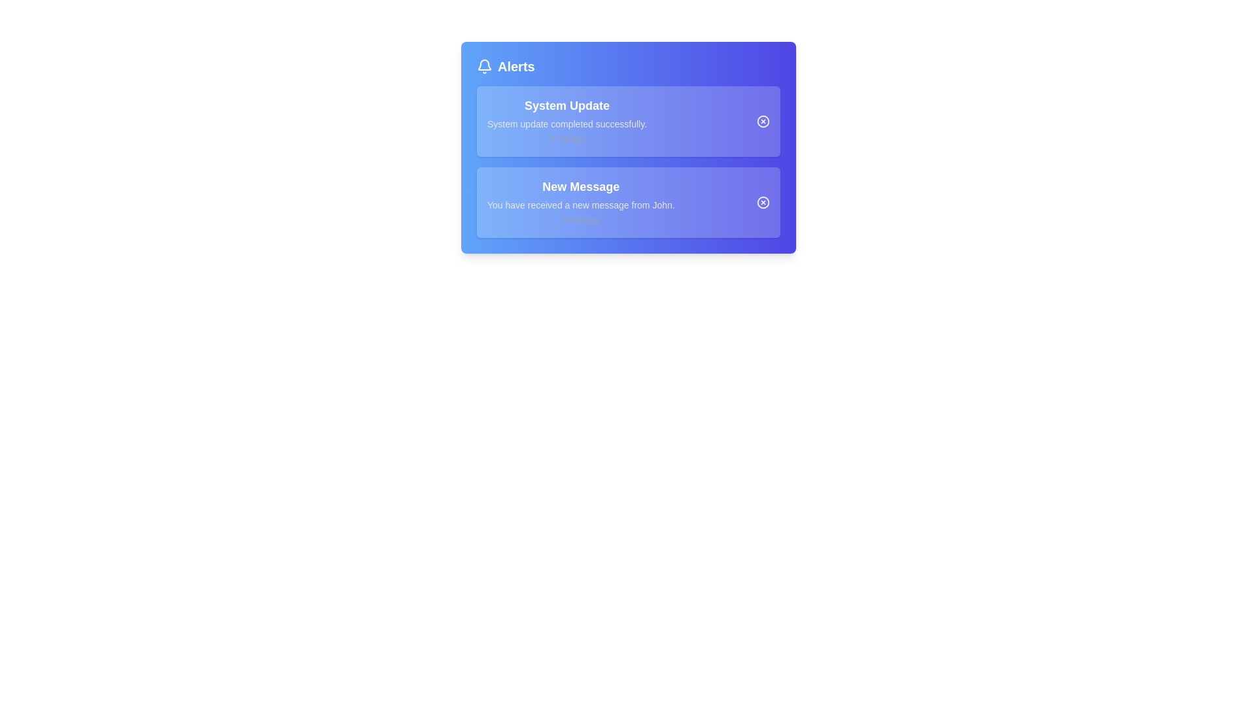 Image resolution: width=1256 pixels, height=706 pixels. I want to click on the circular outer boundary of the close button icon located on the right side of the second notification card in the alert box interface, so click(763, 202).